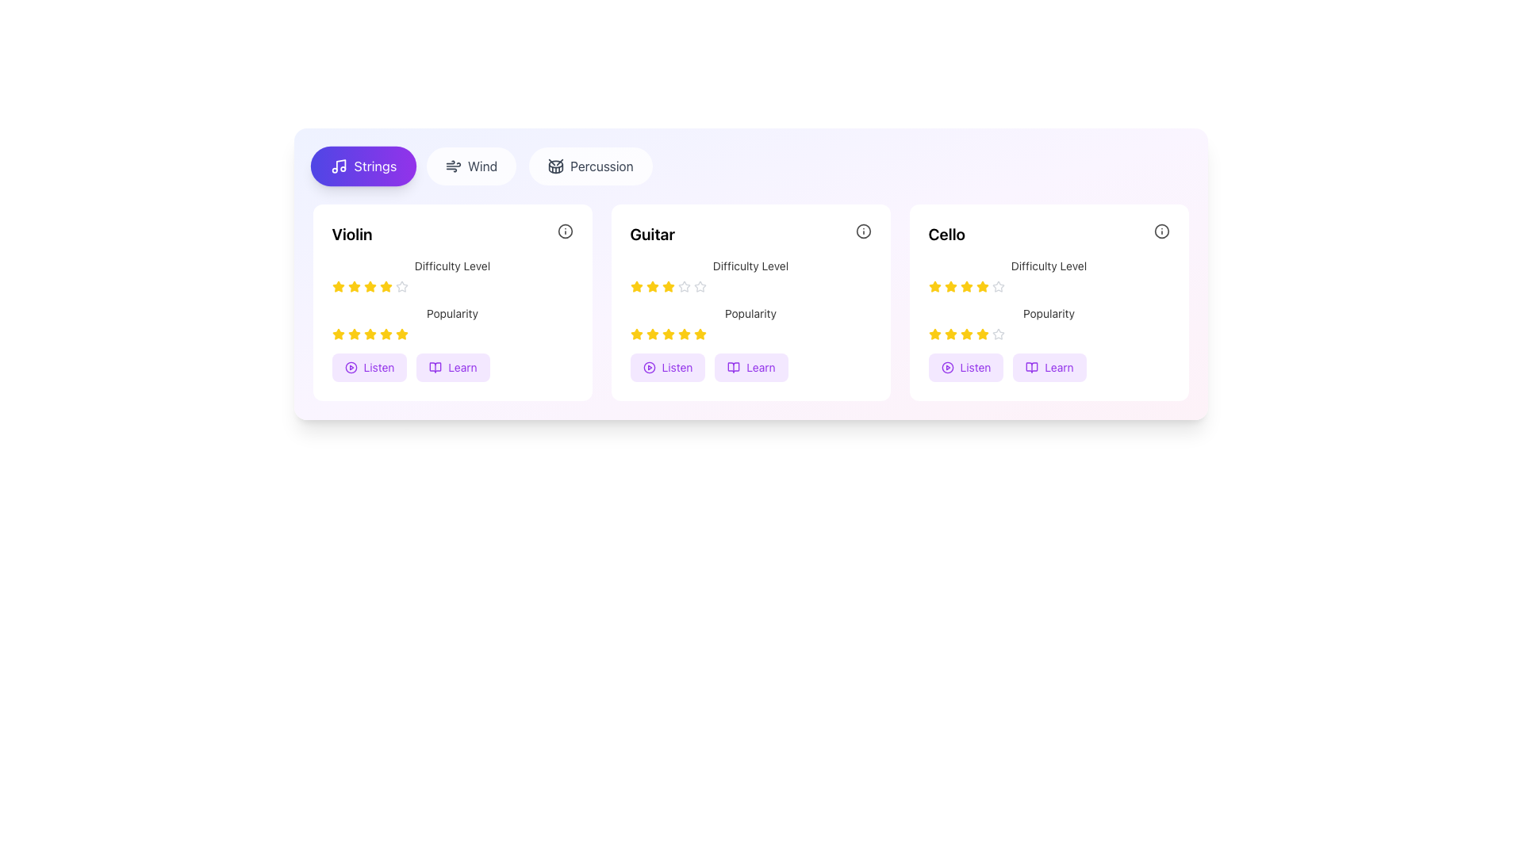  Describe the element at coordinates (684, 333) in the screenshot. I see `the sixth star icon in the horizontally aligned rating stars under the 'Popularity' section of the 'Guitar' card to rate it` at that location.